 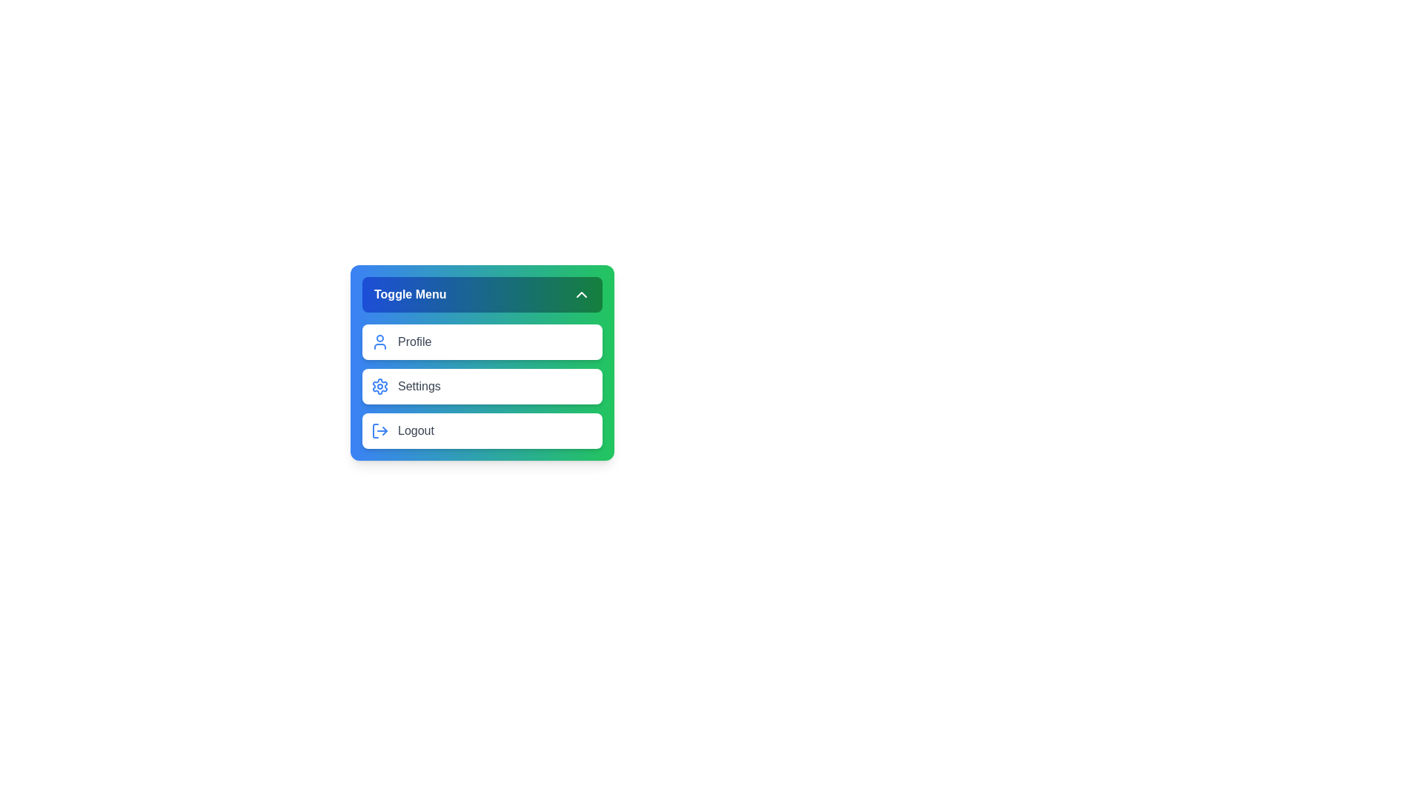 What do you see at coordinates (482, 431) in the screenshot?
I see `the menu item Logout to view its hover effects` at bounding box center [482, 431].